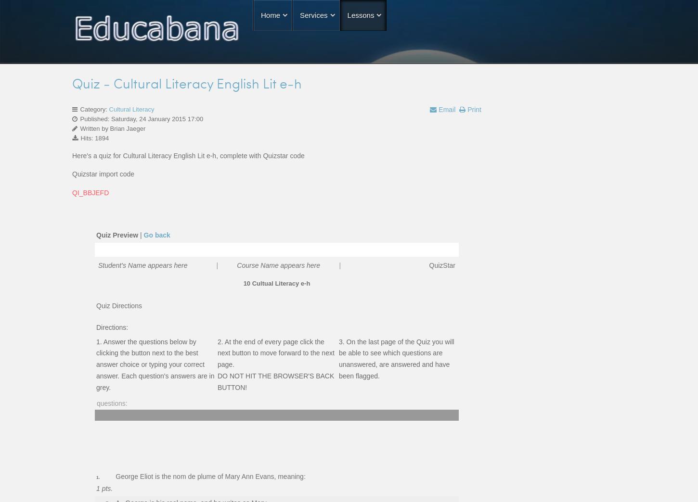 The image size is (698, 502). I want to click on 'Here's a quiz for Cultural Literacy English Lit e-h, complete with Quizstar code', so click(188, 155).